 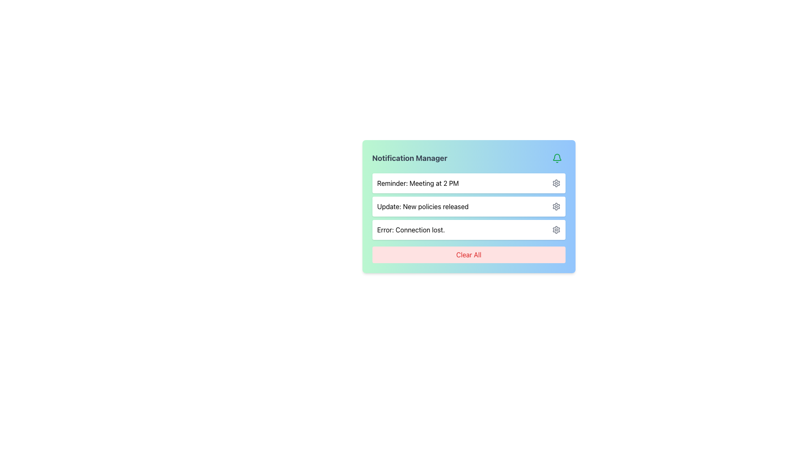 What do you see at coordinates (556, 206) in the screenshot?
I see `the gear icon representing settings for the second notification titled 'Update: New policies released' in the notification manager interface` at bounding box center [556, 206].